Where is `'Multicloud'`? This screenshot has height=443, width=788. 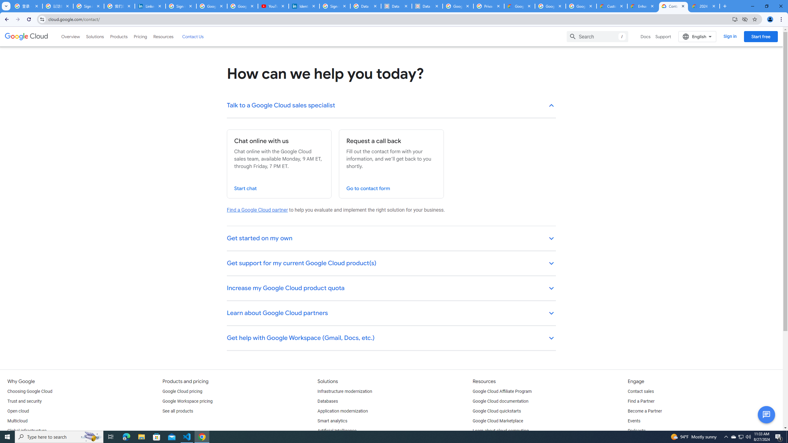 'Multicloud' is located at coordinates (17, 421).